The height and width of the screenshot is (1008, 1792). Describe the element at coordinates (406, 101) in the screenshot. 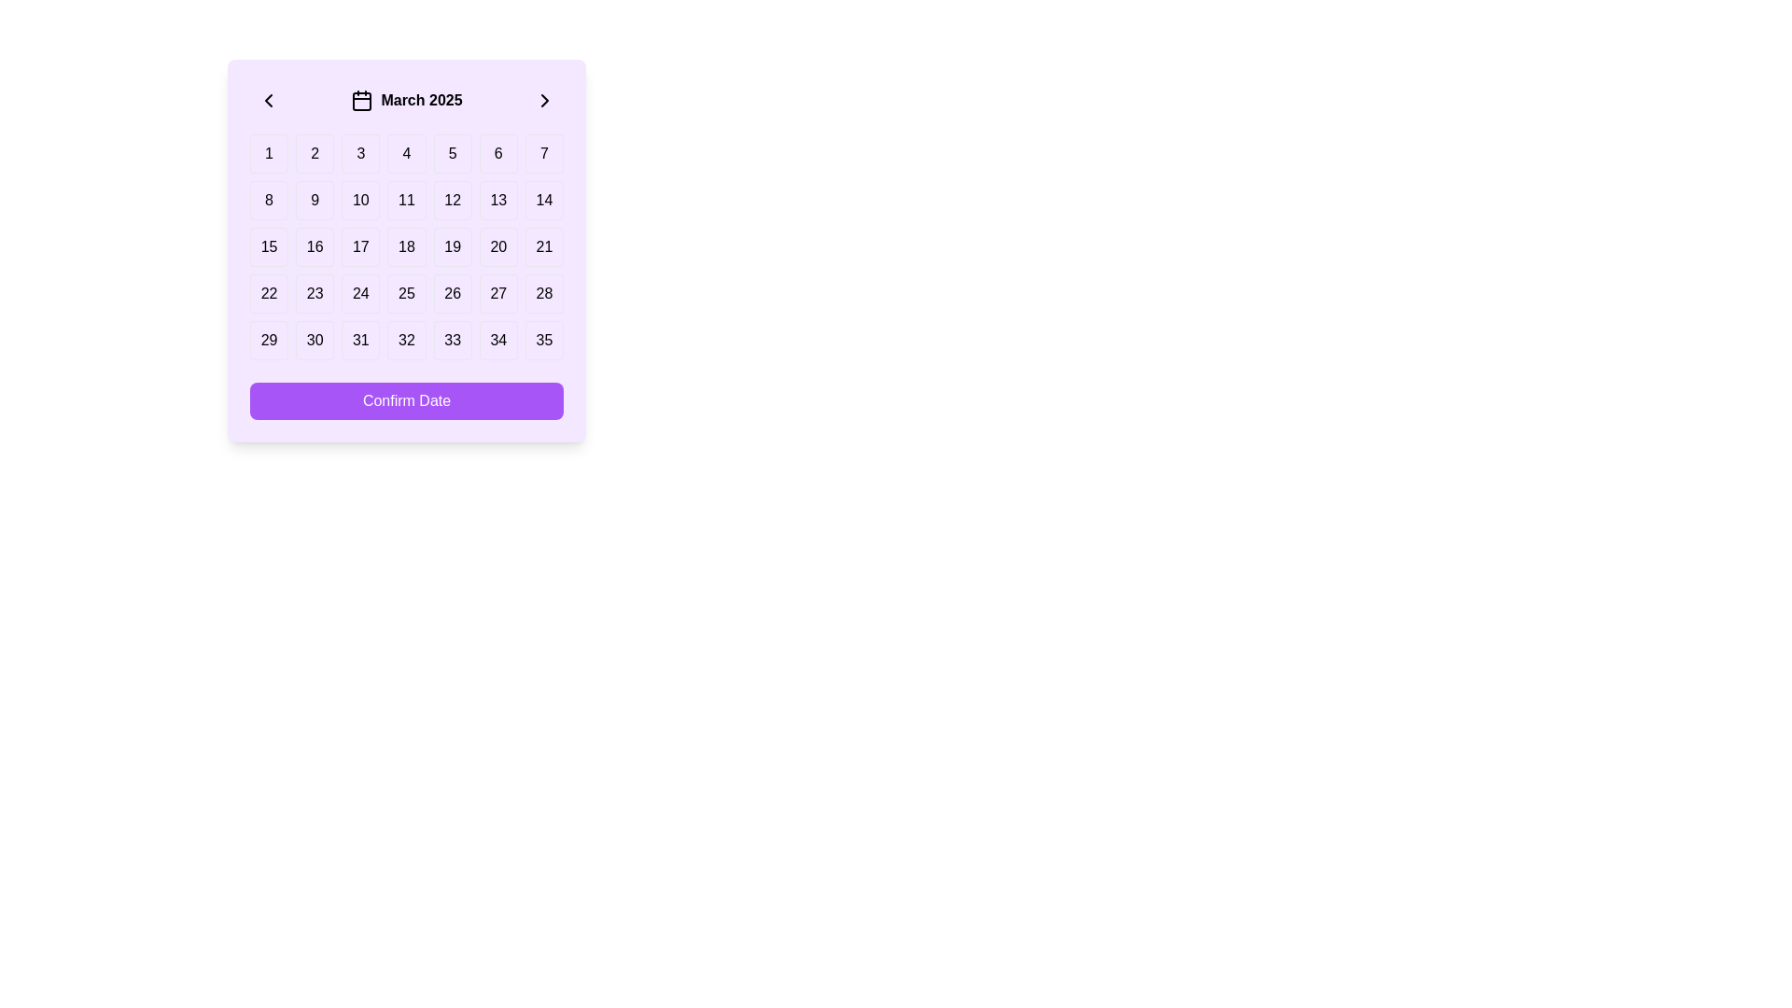

I see `the header section of the date picker component displaying March 2025` at that location.